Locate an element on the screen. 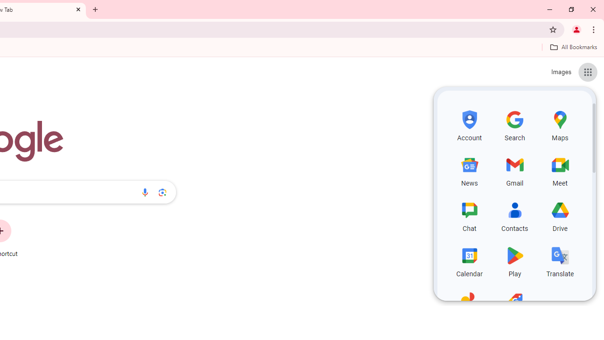 The height and width of the screenshot is (340, 604). 'Drive, row 3 of 5 and column 3 of 3 in the first section' is located at coordinates (560, 215).